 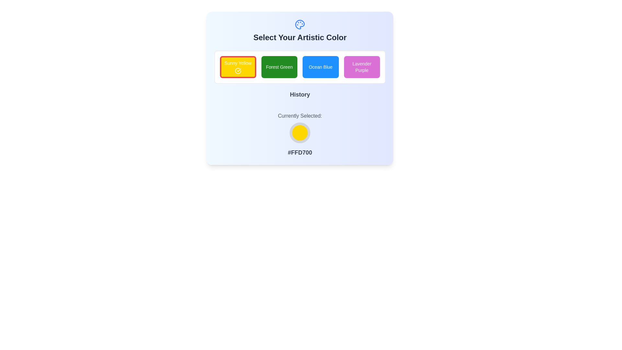 I want to click on the 'Forest Green' text label, which is styled with white text on a green button, located centrally in the second button under the 'Select Your Artistic Color' heading, so click(x=279, y=67).